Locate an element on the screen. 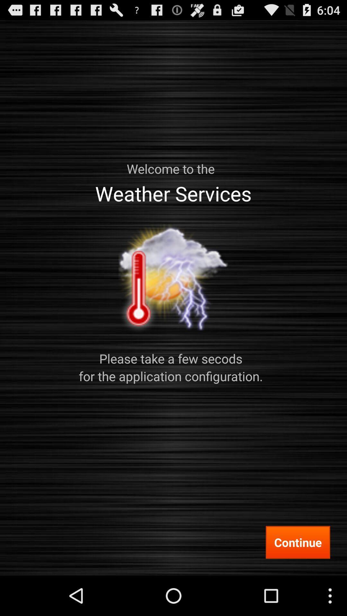  continue item is located at coordinates (298, 542).